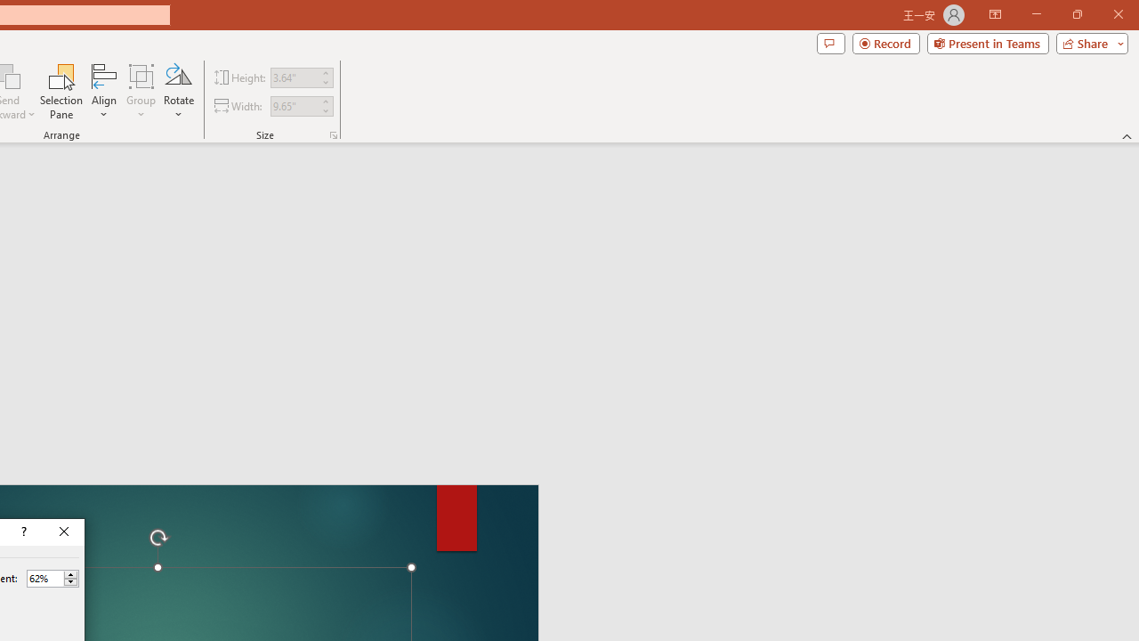 Image resolution: width=1139 pixels, height=641 pixels. What do you see at coordinates (22, 531) in the screenshot?
I see `'Context help'` at bounding box center [22, 531].